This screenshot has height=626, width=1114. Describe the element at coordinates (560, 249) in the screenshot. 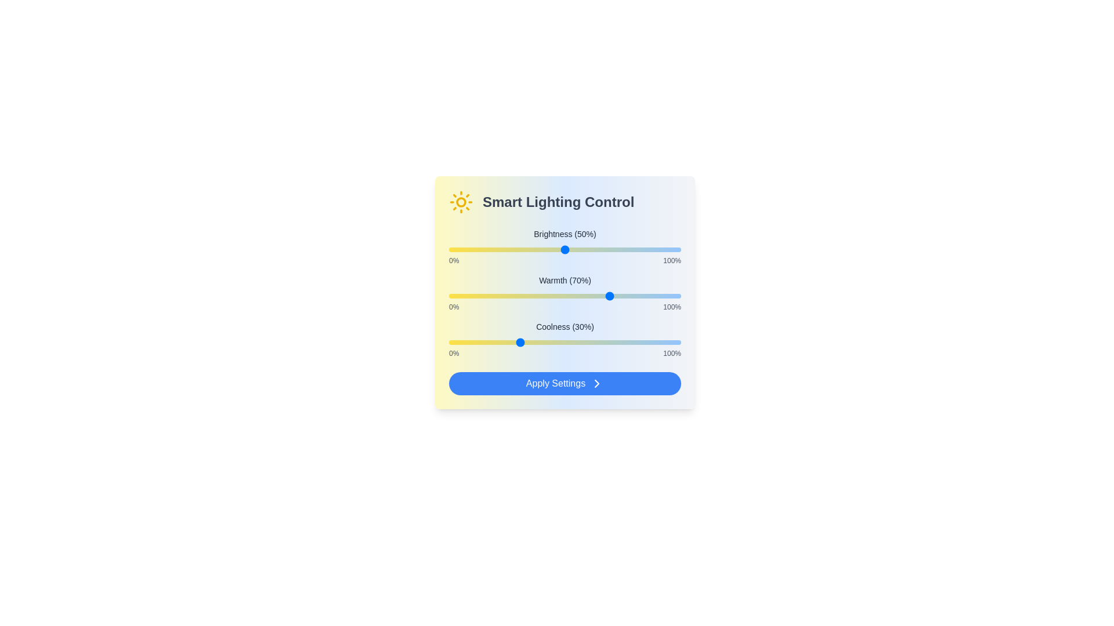

I see `the brightness slider to 48%` at that location.